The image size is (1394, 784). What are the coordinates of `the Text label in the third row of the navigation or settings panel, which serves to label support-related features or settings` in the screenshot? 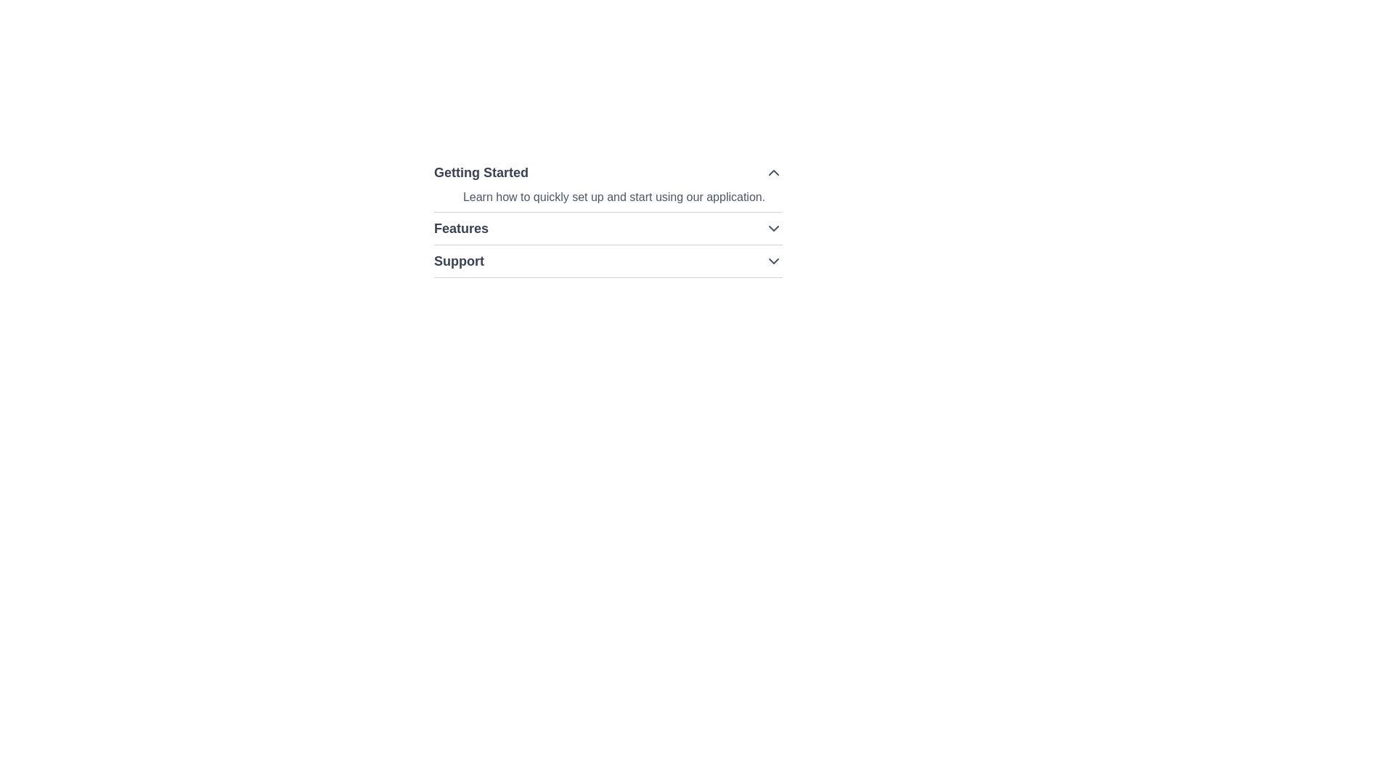 It's located at (458, 260).